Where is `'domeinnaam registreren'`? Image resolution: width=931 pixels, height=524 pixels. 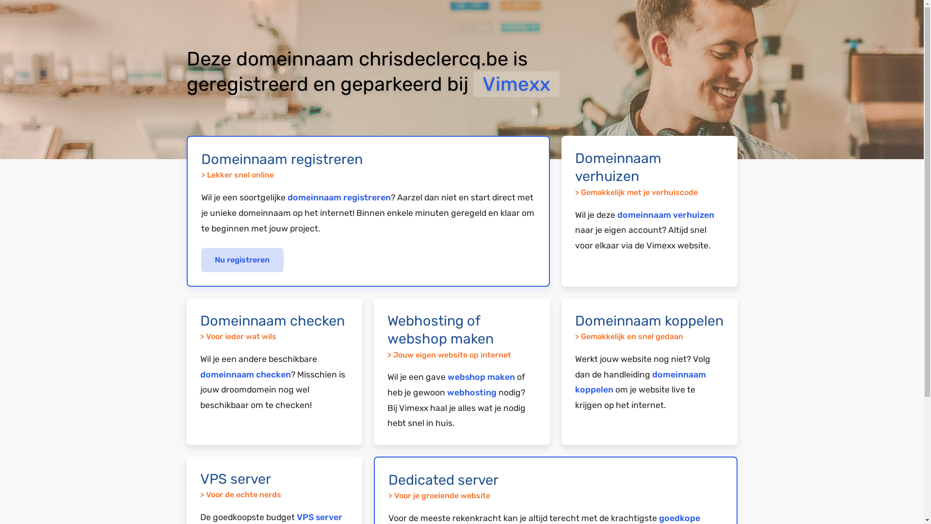 'domeinnaam registreren' is located at coordinates (338, 197).